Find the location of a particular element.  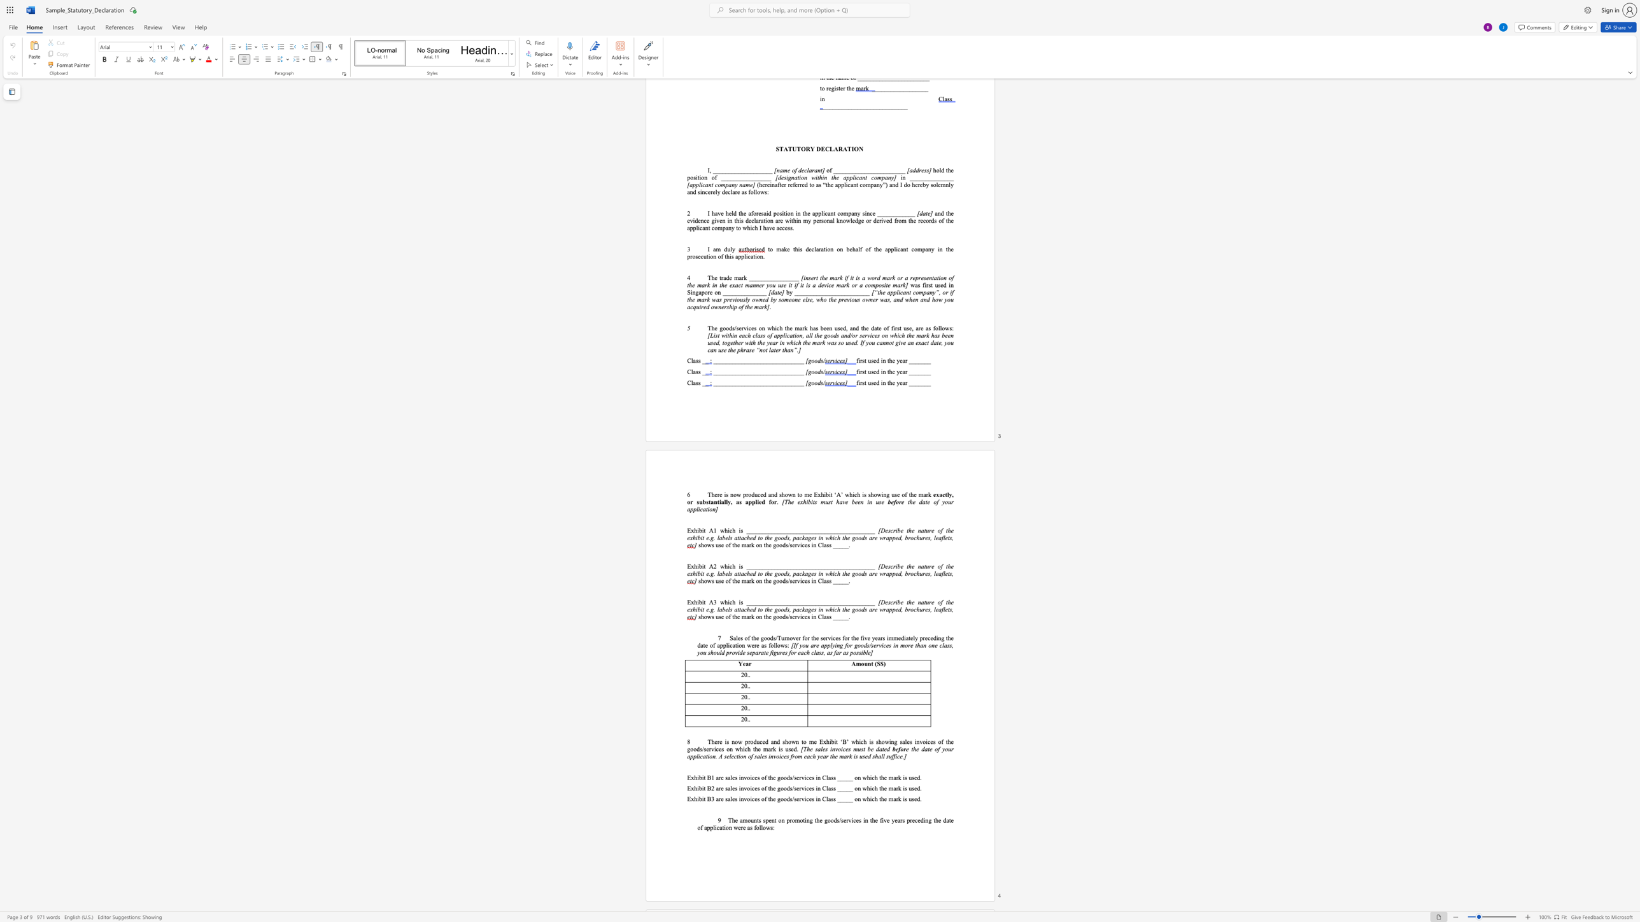

the subset text "ust" within the text "[The sales invoices must be dated" is located at coordinates (857, 749).